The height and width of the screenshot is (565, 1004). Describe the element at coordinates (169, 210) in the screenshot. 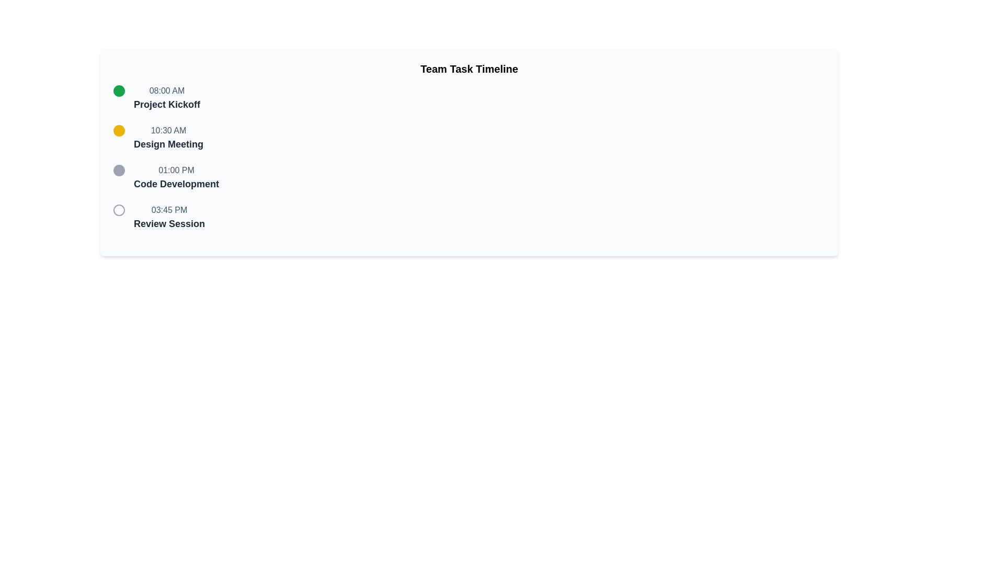

I see `the Static Text that indicates the time for the 'Review Session' activity, which is positioned as the fourth list item under 'Team Task Timeline'` at that location.